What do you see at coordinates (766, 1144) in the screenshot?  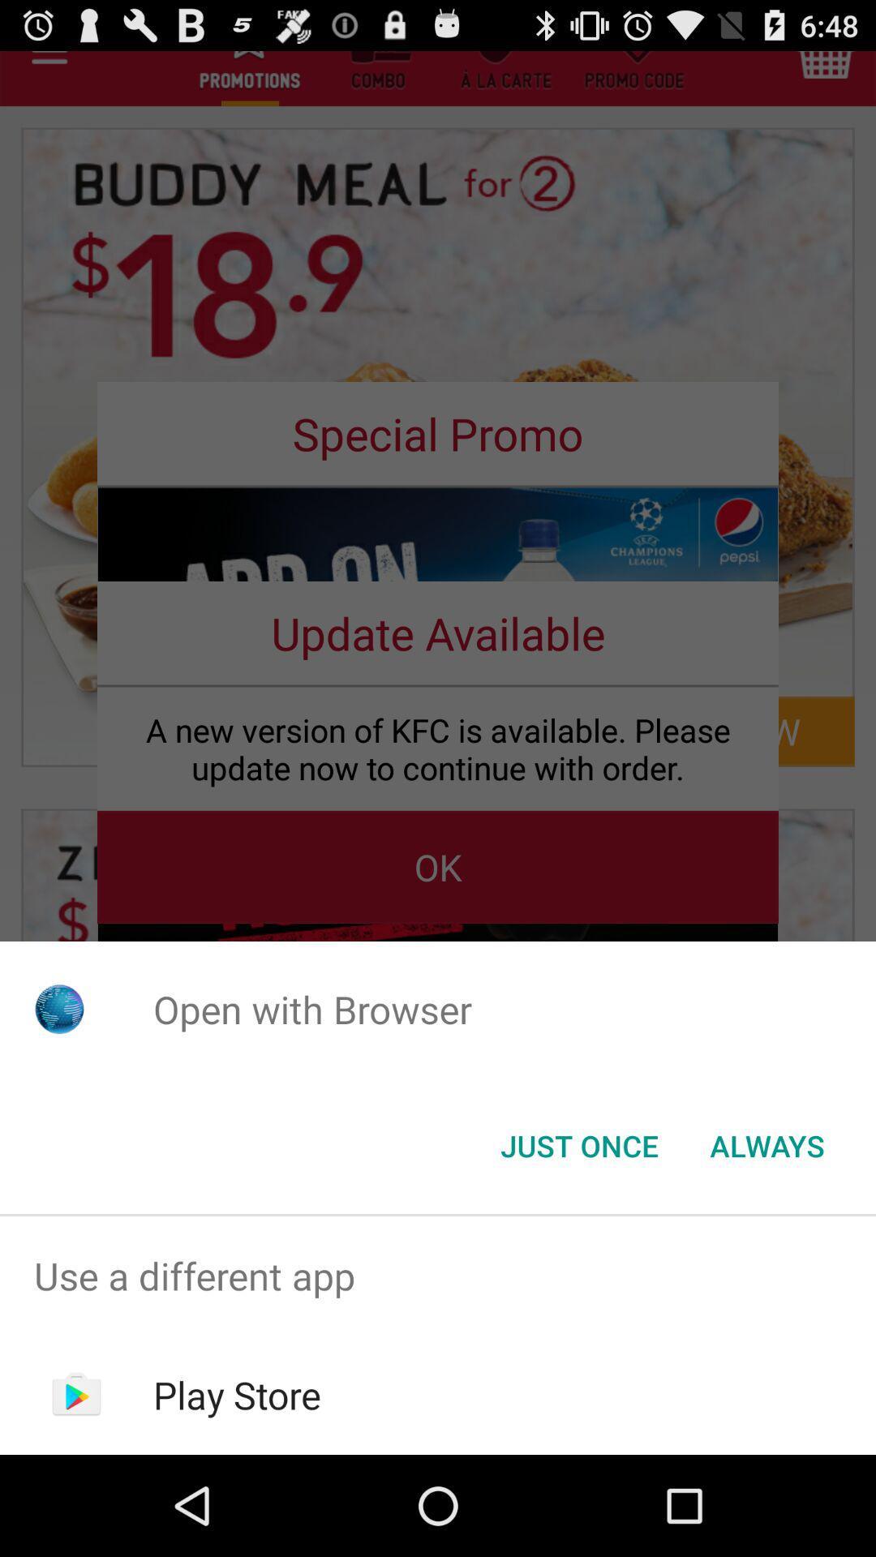 I see `the button to the right of the just once` at bounding box center [766, 1144].